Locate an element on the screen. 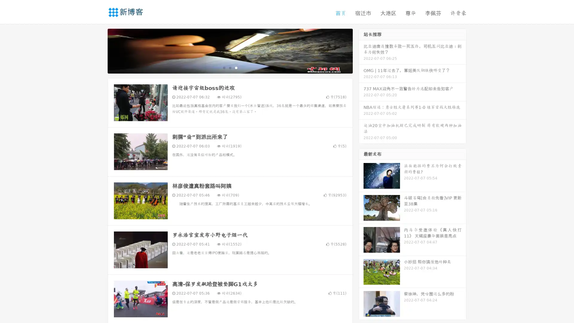  Go to slide 2 is located at coordinates (230, 67).